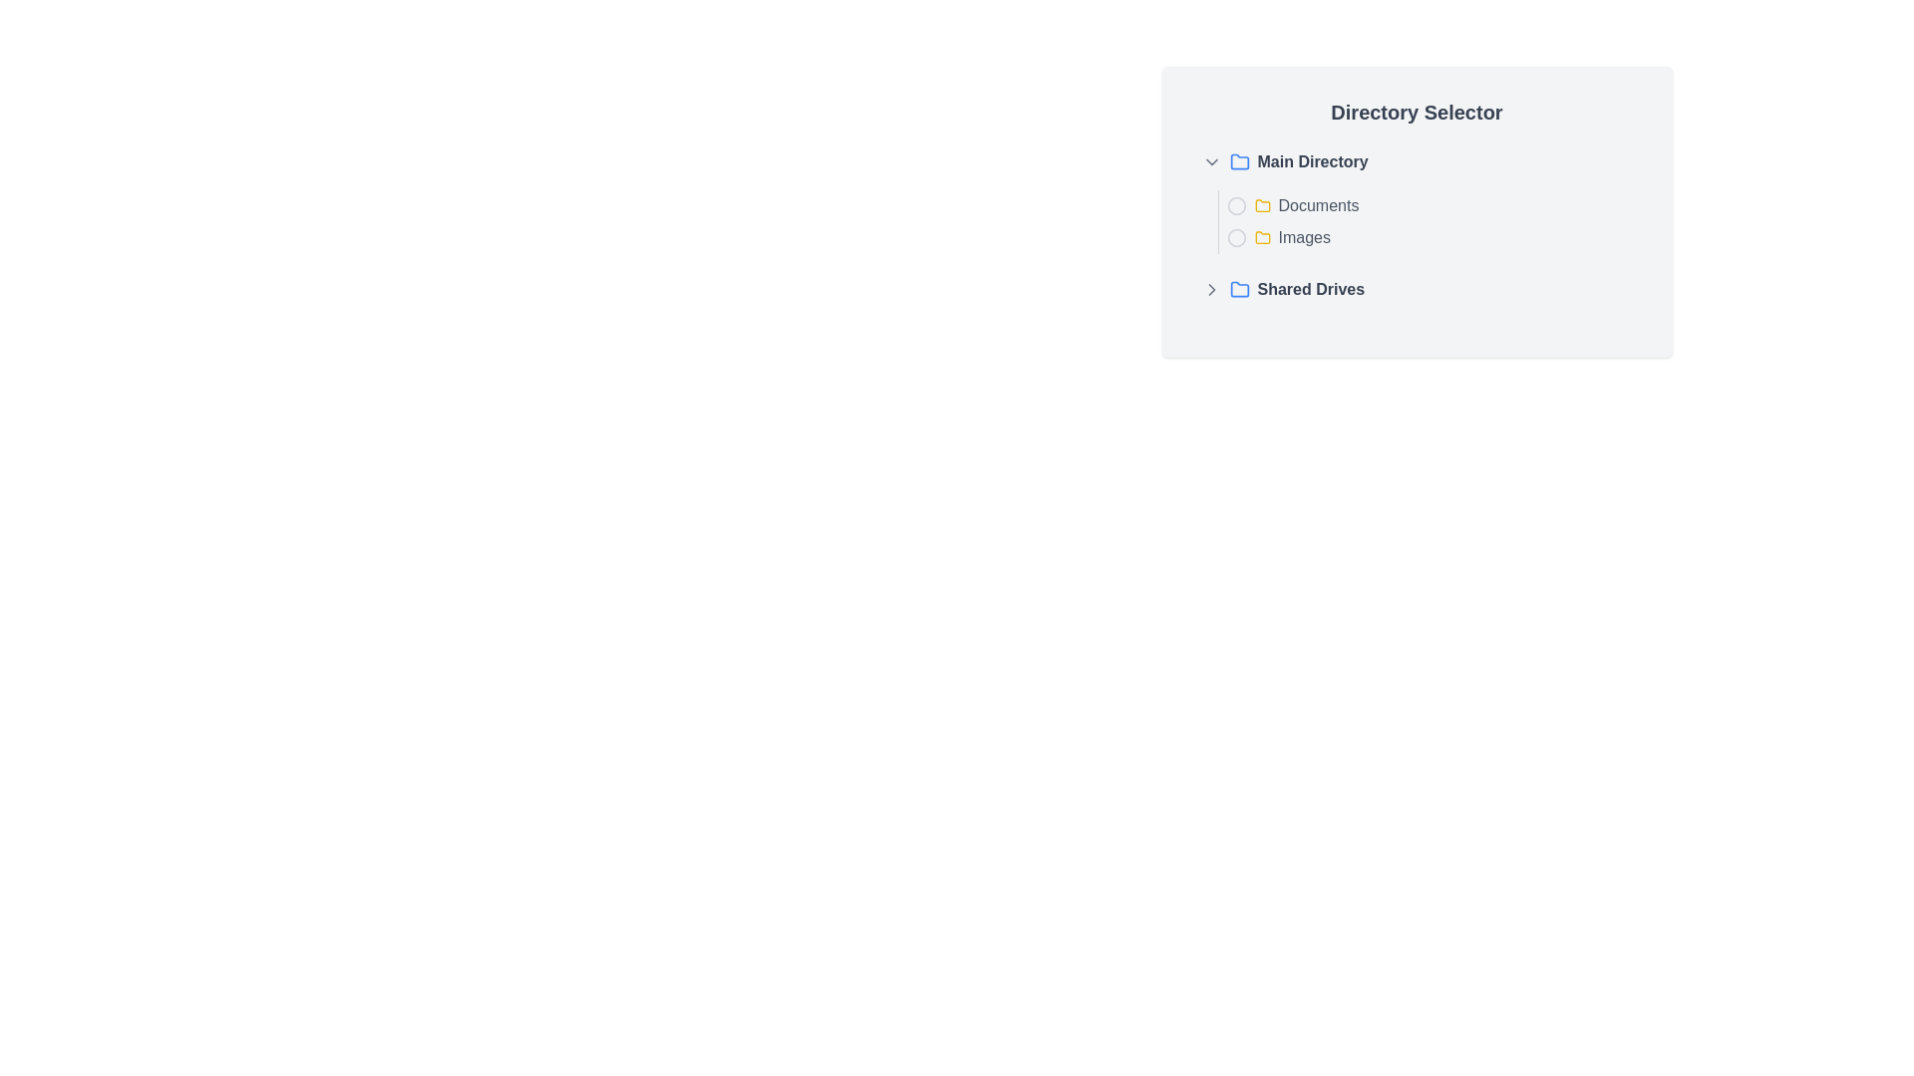 Image resolution: width=1914 pixels, height=1076 pixels. I want to click on the 'Documents' folder label located below 'Main Directory' and above 'Images', positioned to the far right of the interface, so click(1318, 206).